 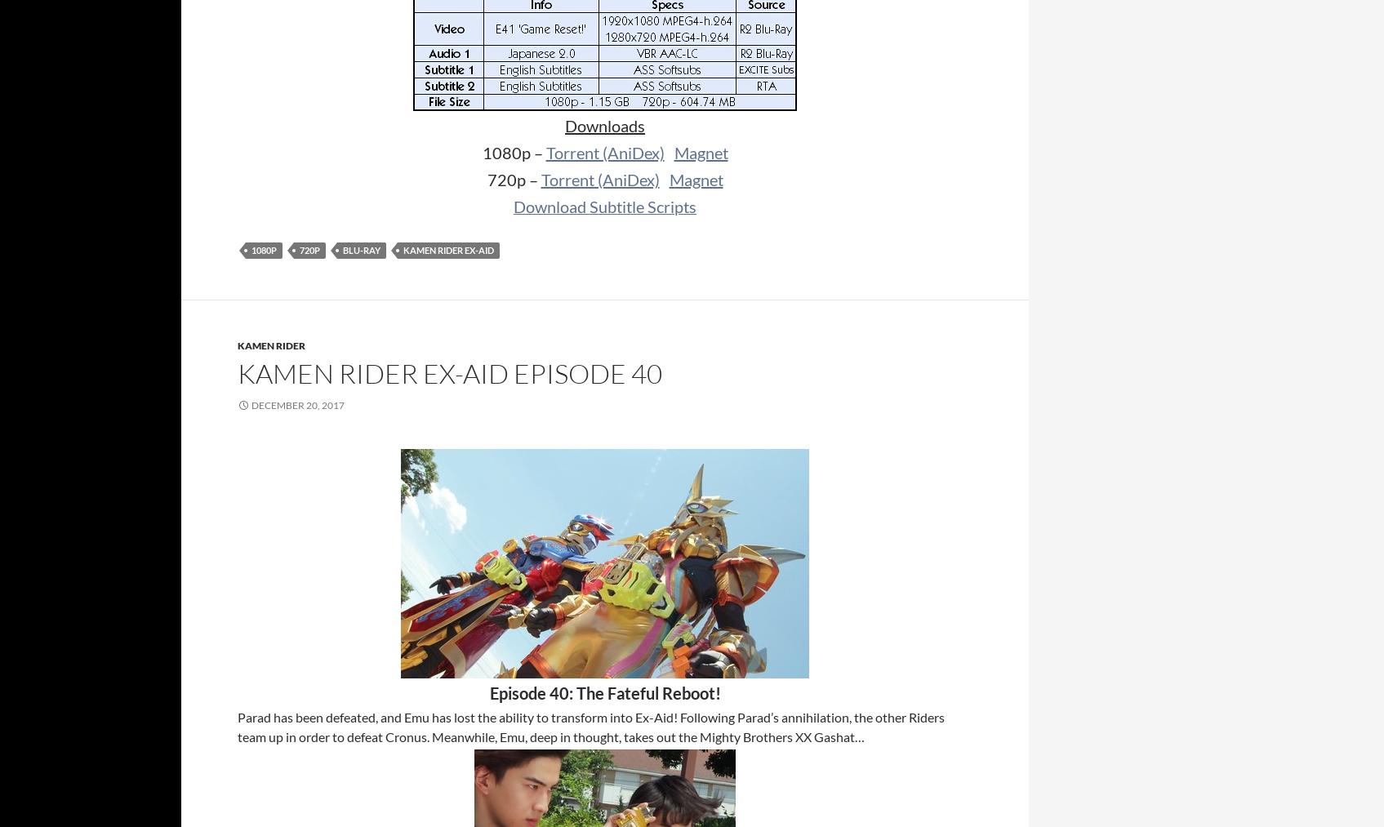 What do you see at coordinates (604, 206) in the screenshot?
I see `'Download Subtitle Scripts'` at bounding box center [604, 206].